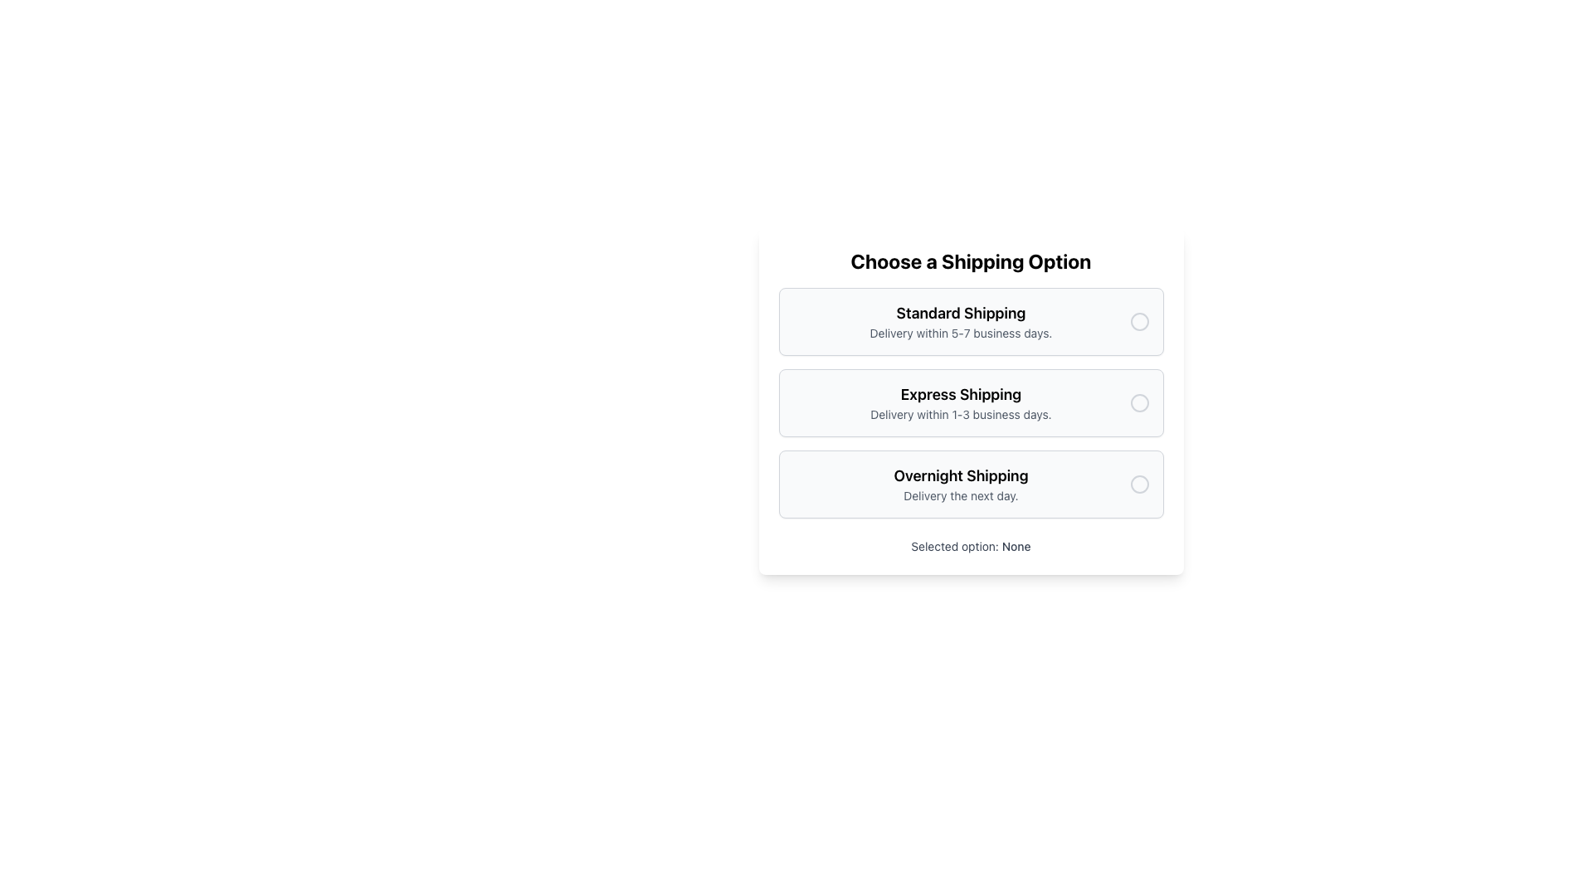 This screenshot has height=896, width=1593. I want to click on the radio button for 'Express Shipping', which is the second option in a vertical list of shipping options, so click(1138, 403).